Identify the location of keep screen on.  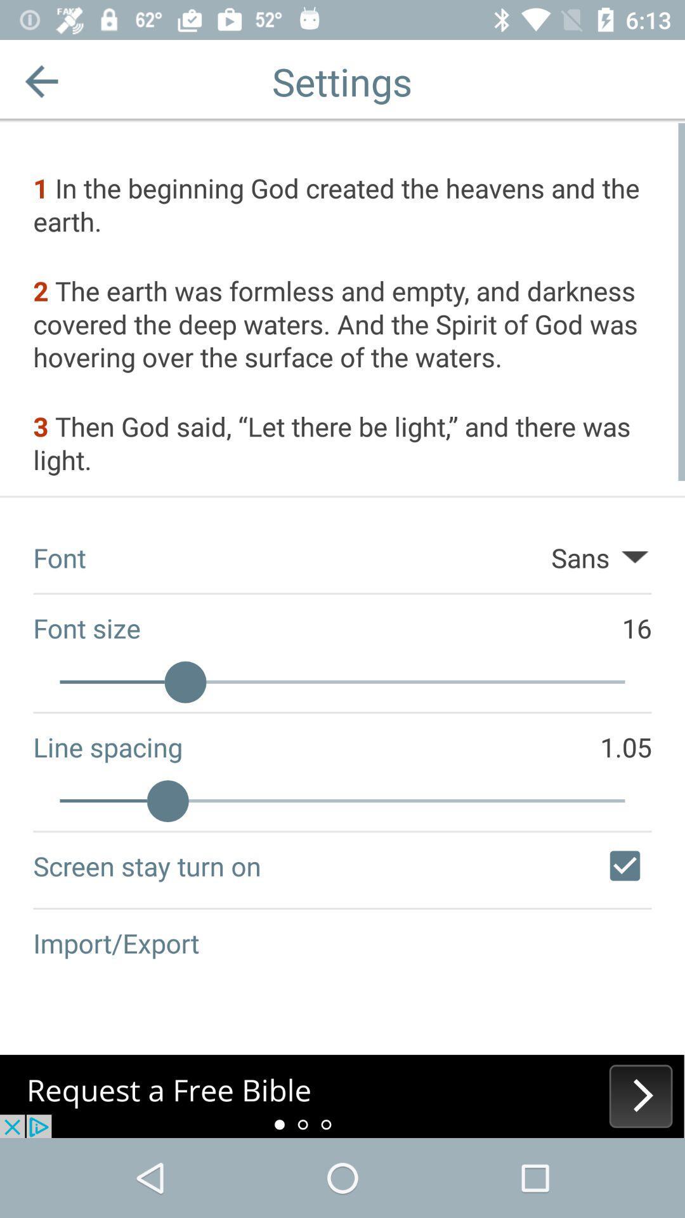
(624, 865).